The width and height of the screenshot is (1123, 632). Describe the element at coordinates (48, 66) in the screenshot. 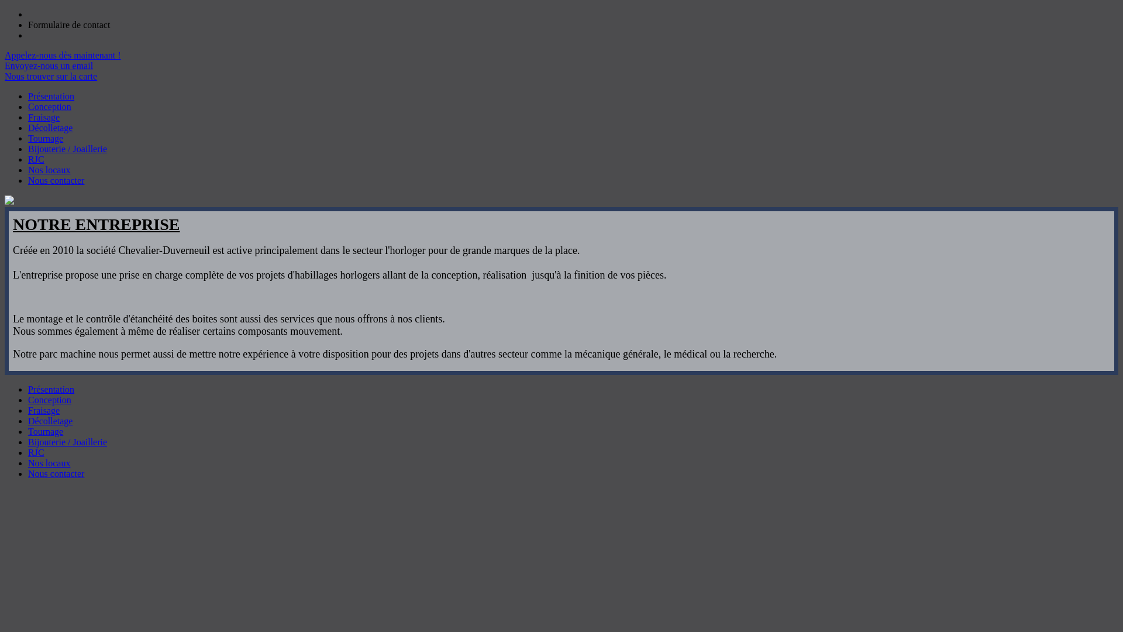

I see `'Envoyez-nous un email'` at that location.